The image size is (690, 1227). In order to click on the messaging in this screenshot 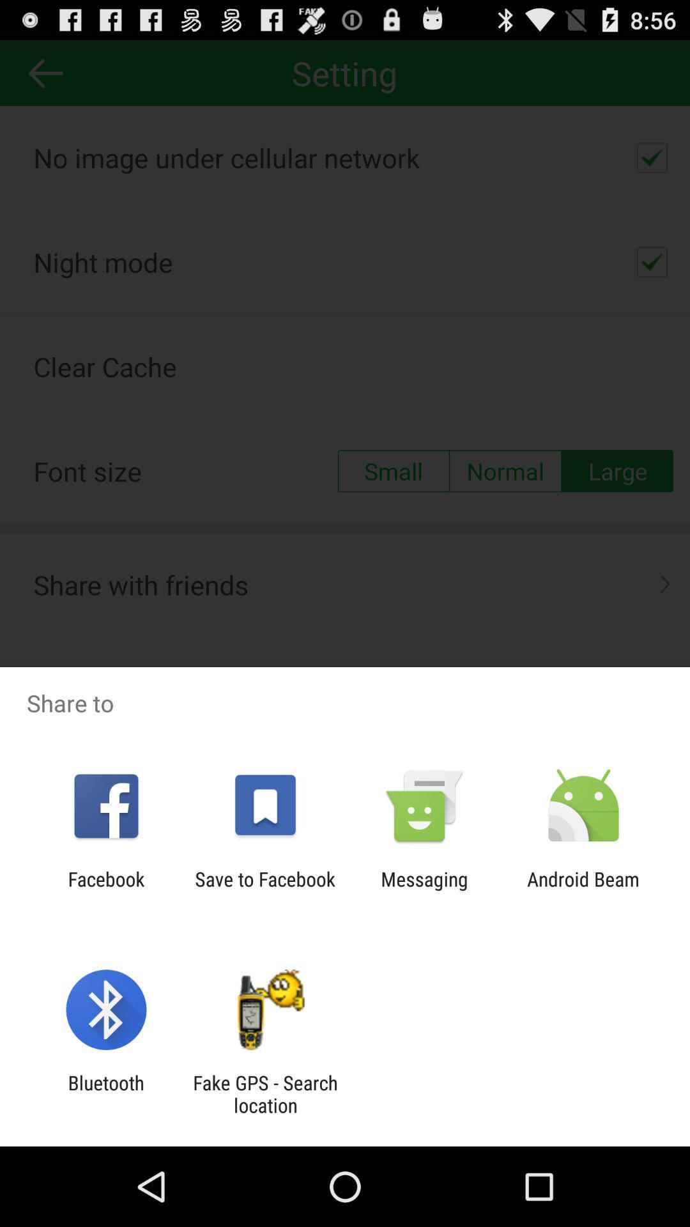, I will do `click(424, 890)`.